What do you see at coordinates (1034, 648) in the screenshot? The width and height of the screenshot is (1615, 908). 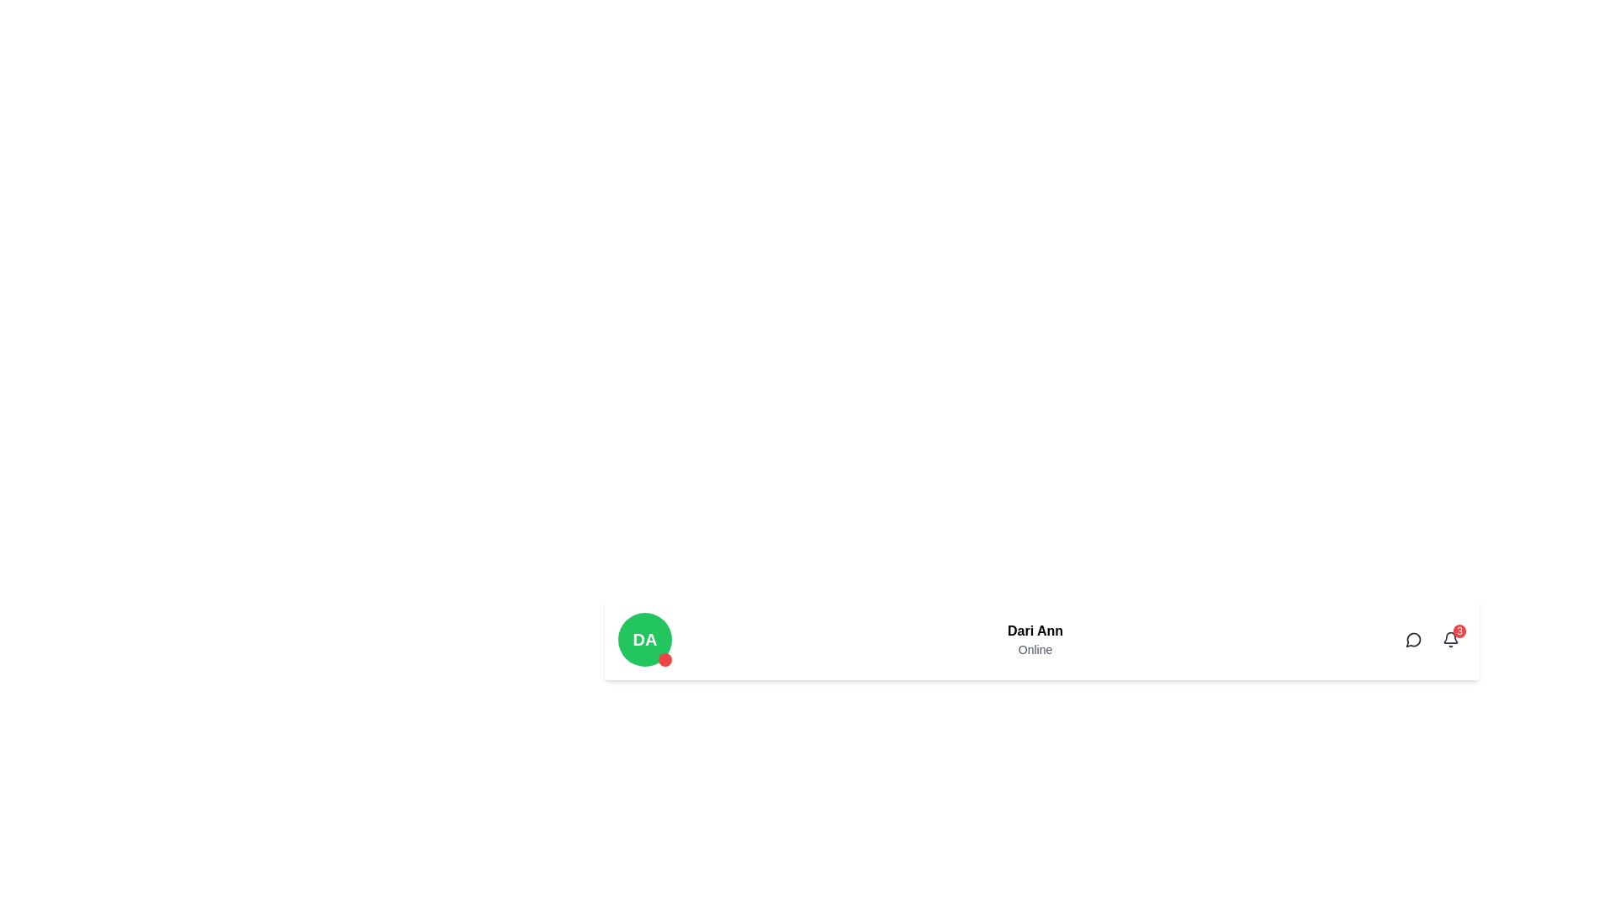 I see `the text label reading 'Online', which is styled with a light-gray color and positioned below the bolded text 'Dari Ann'` at bounding box center [1034, 648].